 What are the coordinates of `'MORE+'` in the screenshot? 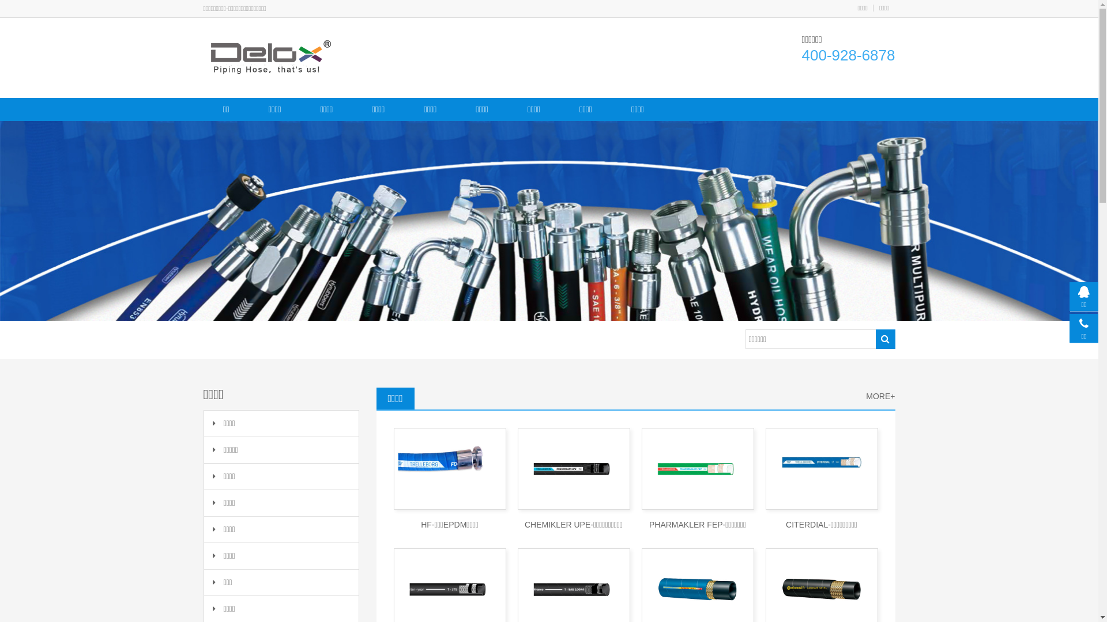 It's located at (879, 396).